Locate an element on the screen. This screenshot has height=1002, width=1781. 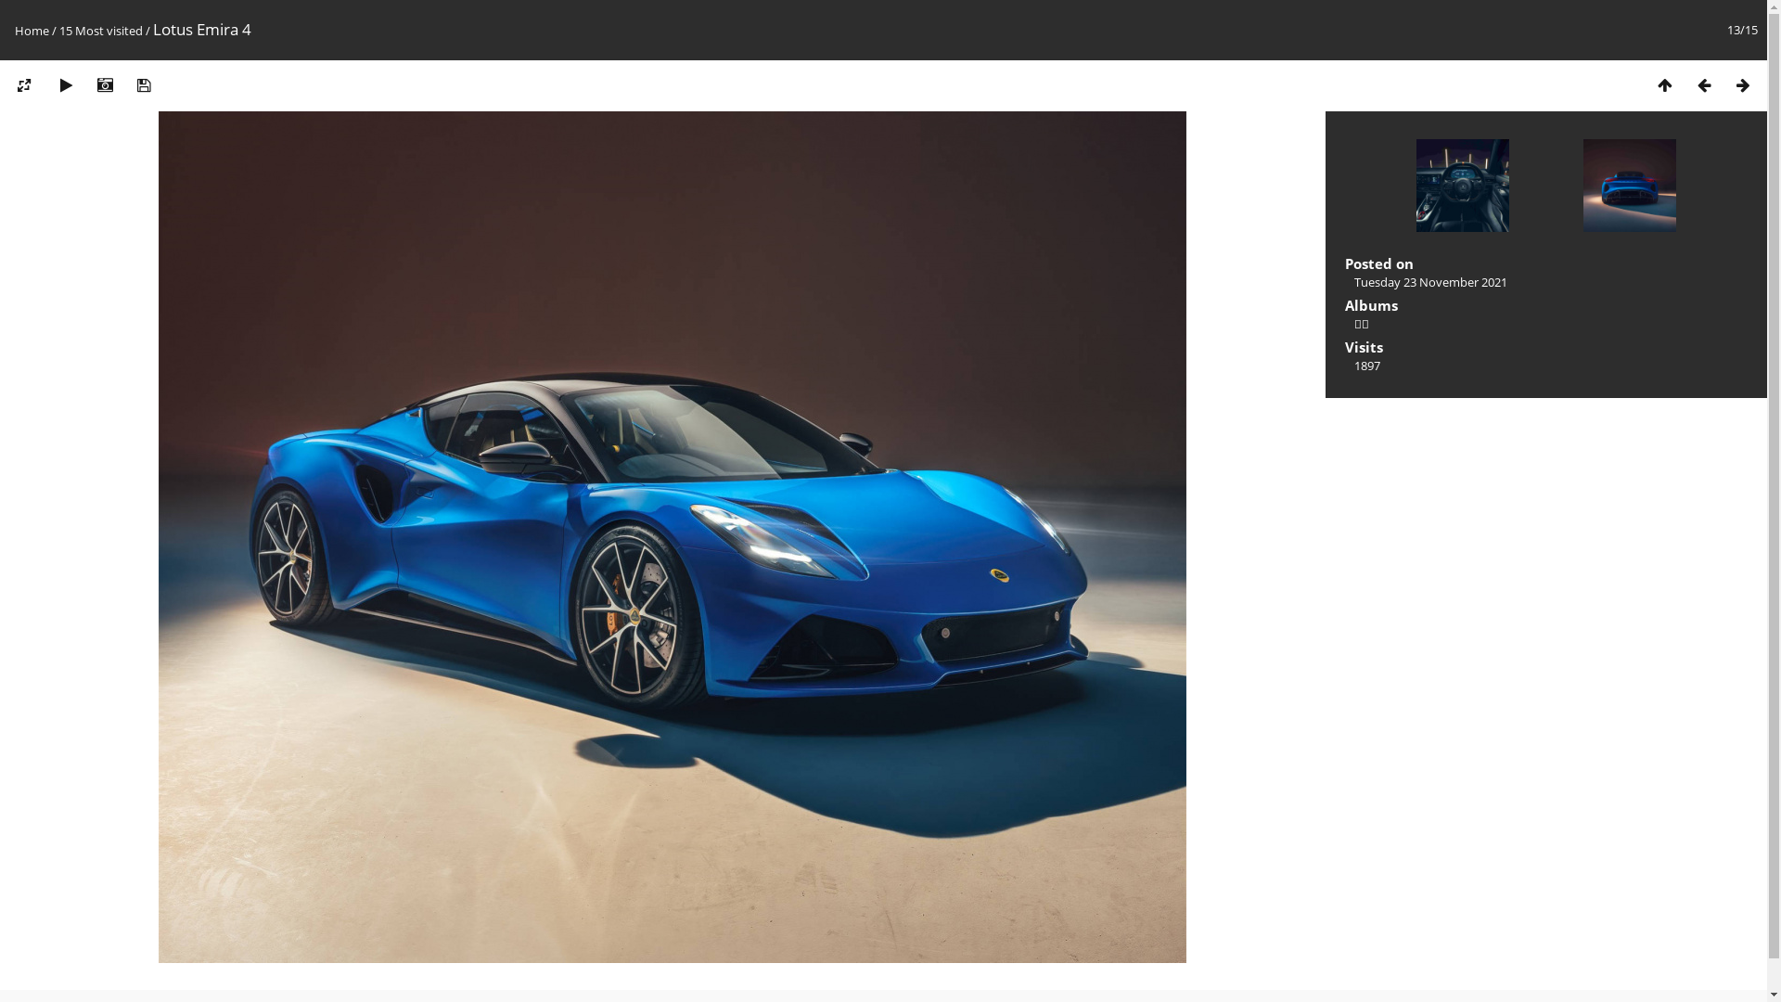
'Home' is located at coordinates (32, 31).